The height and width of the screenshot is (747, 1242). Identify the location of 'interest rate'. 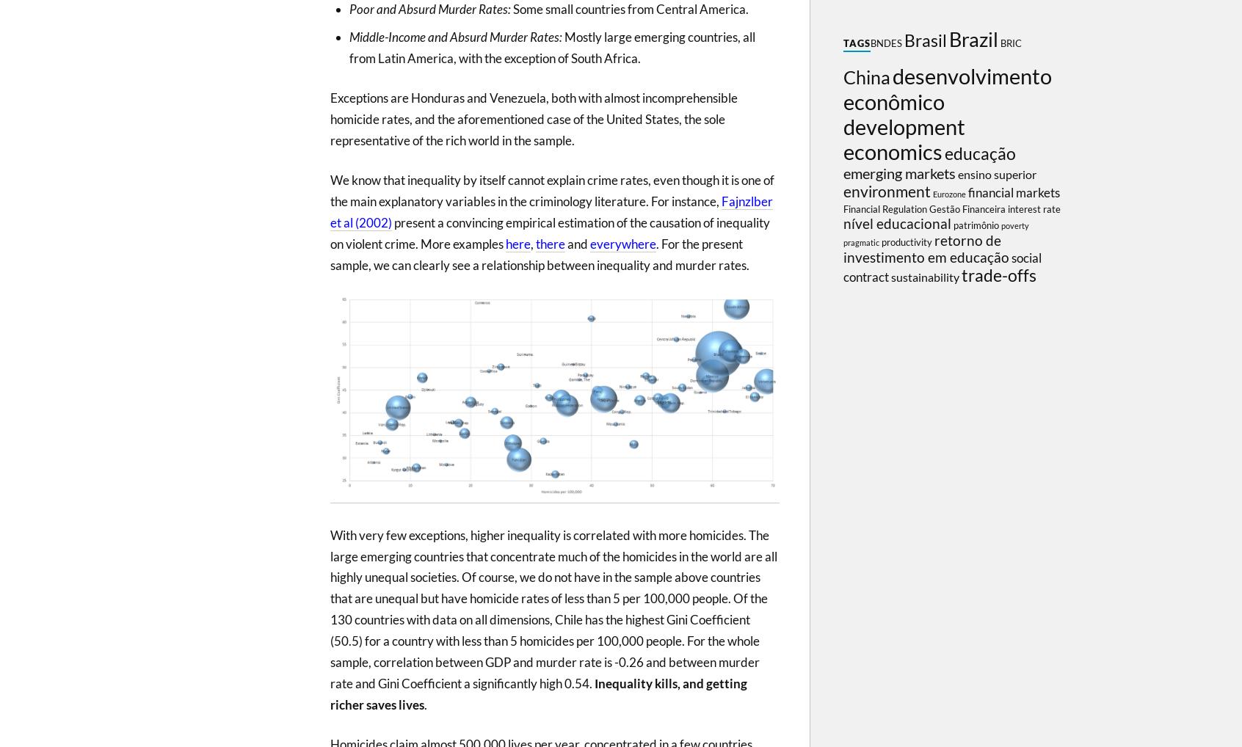
(1034, 209).